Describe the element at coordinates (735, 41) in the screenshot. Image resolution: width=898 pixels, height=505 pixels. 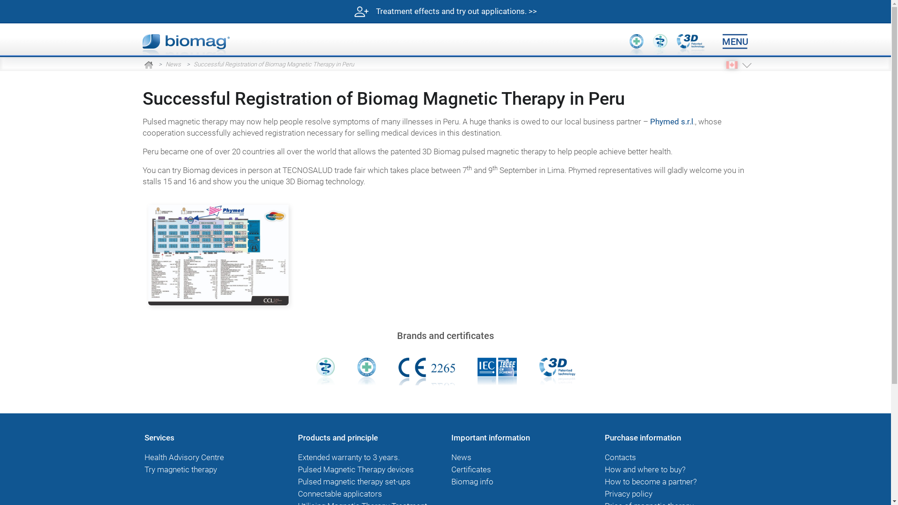
I see `'MENU'` at that location.